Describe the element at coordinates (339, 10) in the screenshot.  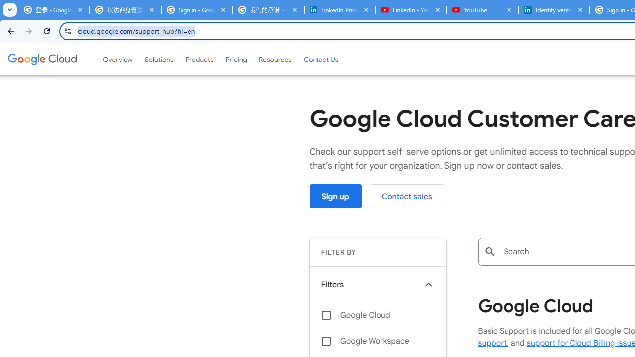
I see `'LinkedIn Privacy Policy'` at that location.